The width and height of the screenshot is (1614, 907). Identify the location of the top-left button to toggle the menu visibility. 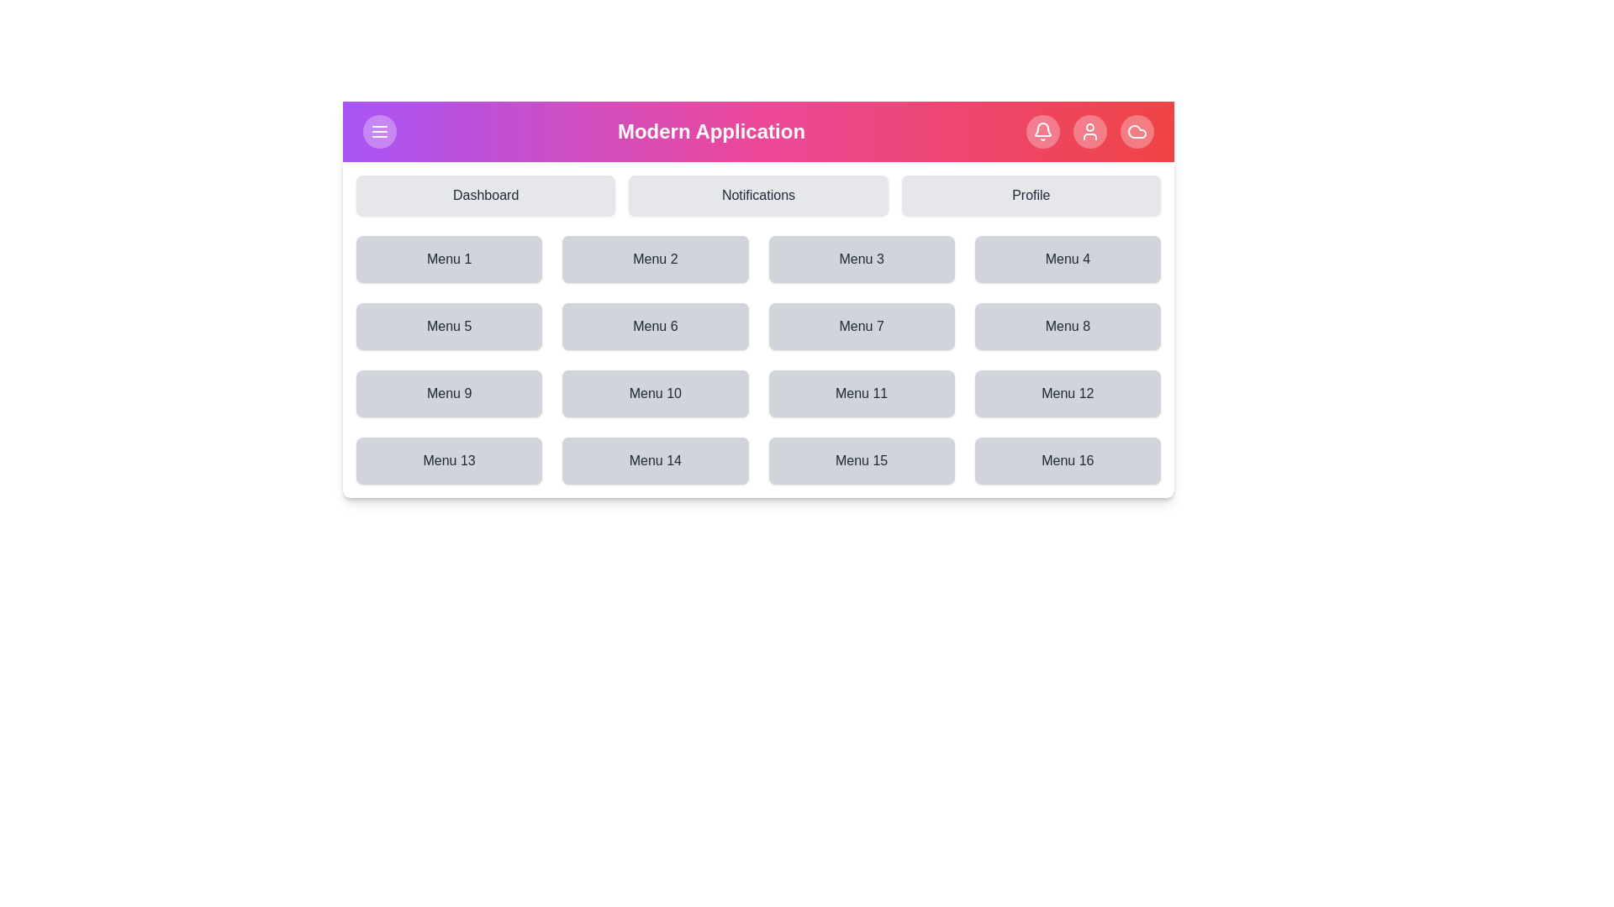
(378, 131).